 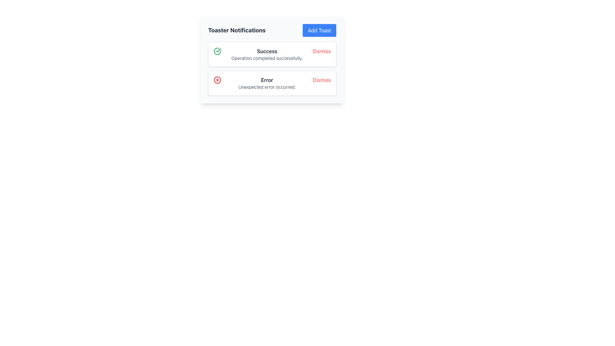 What do you see at coordinates (217, 51) in the screenshot?
I see `the green checkmark icon in the first notification card of the toaster notifications section, which indicates a successful operation` at bounding box center [217, 51].